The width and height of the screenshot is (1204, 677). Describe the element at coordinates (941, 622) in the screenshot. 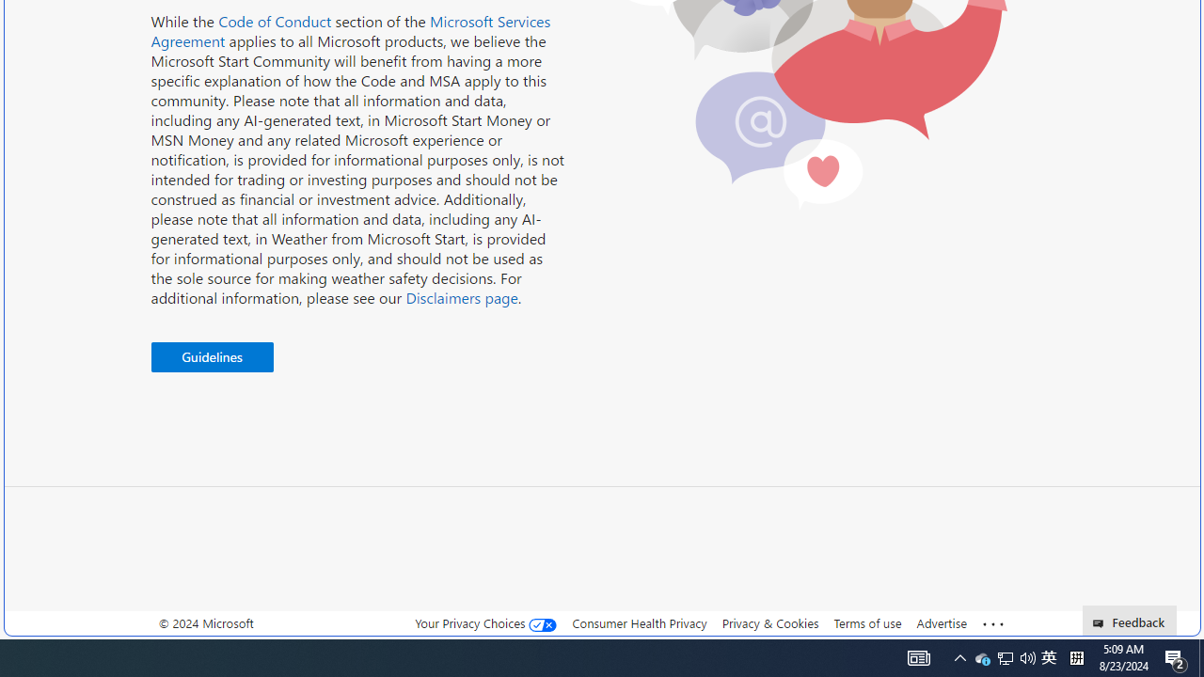

I see `'Advertise'` at that location.